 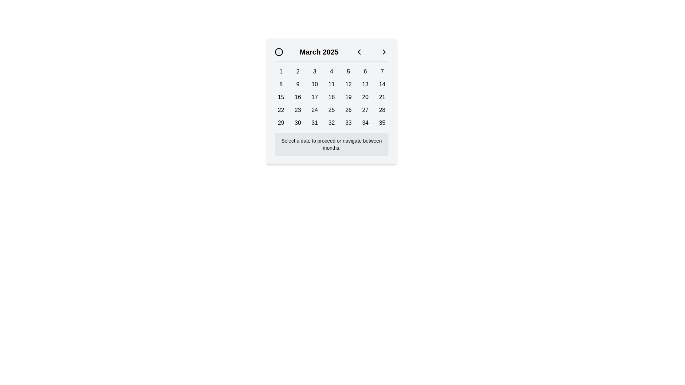 What do you see at coordinates (331, 122) in the screenshot?
I see `the button displaying the text '32' in bold, located in the last row, fourth column of the calendar grid` at bounding box center [331, 122].